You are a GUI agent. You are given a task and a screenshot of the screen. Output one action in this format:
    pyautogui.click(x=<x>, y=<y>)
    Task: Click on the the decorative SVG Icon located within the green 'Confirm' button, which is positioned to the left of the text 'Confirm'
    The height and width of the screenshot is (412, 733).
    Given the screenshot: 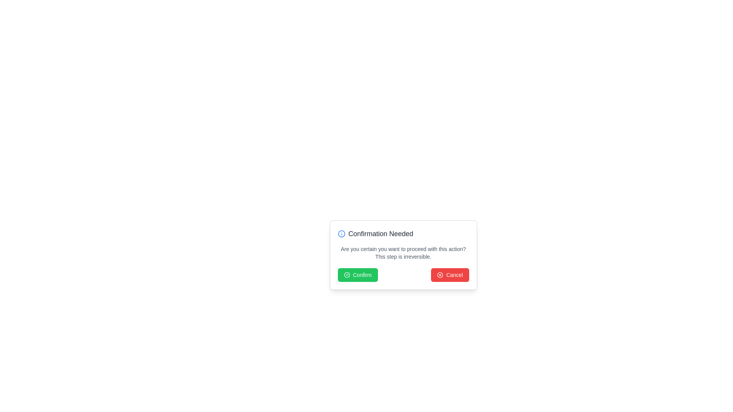 What is the action you would take?
    pyautogui.click(x=346, y=275)
    